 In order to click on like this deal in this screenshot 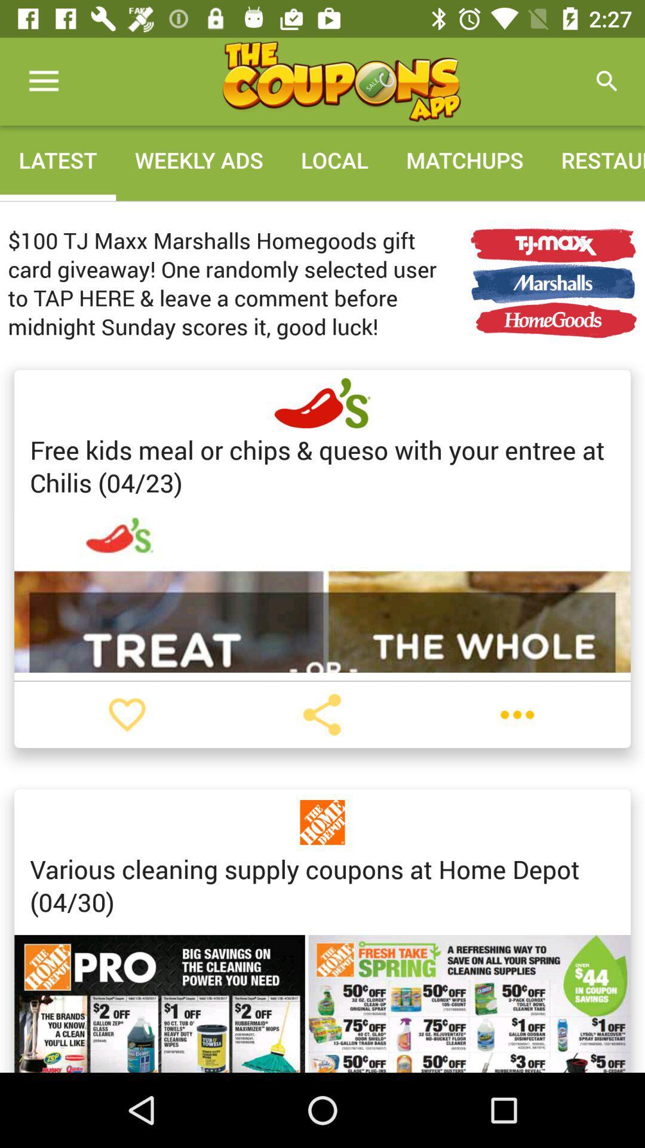, I will do `click(127, 715)`.